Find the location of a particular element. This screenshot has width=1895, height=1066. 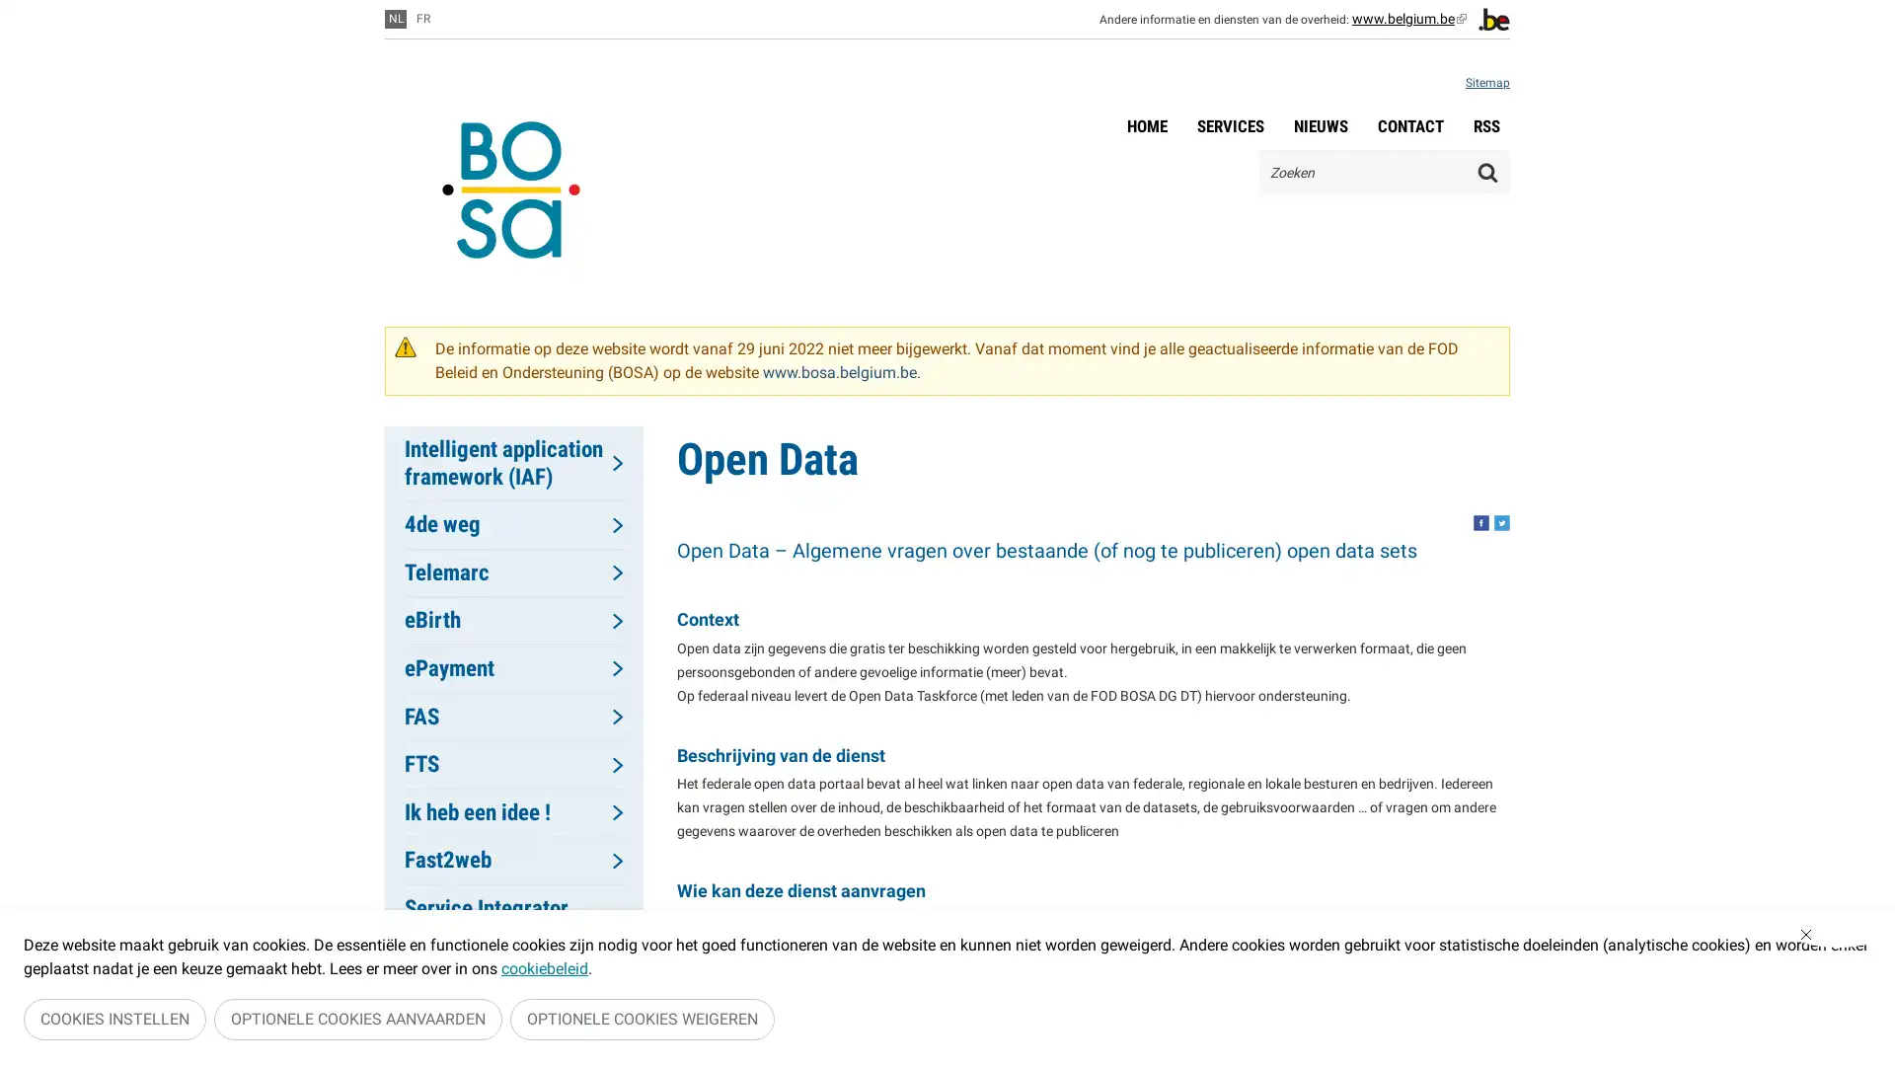

OPTIONELE COOKIES AANVAARDEN is located at coordinates (358, 1021).